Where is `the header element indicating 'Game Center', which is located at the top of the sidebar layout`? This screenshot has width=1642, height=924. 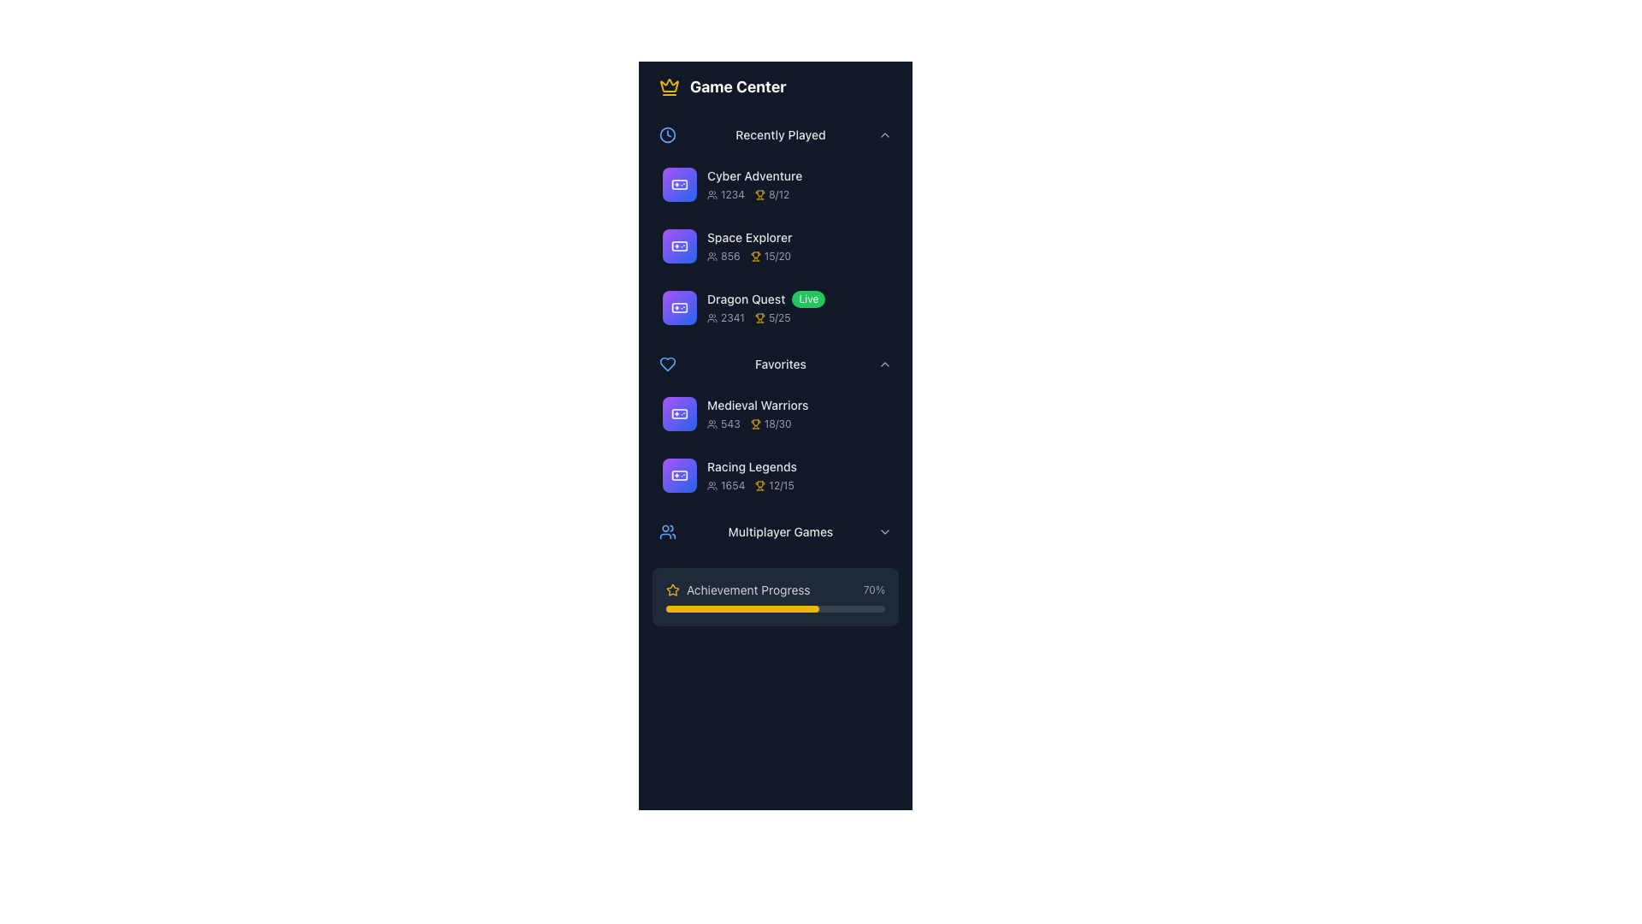
the header element indicating 'Game Center', which is located at the top of the sidebar layout is located at coordinates (775, 86).